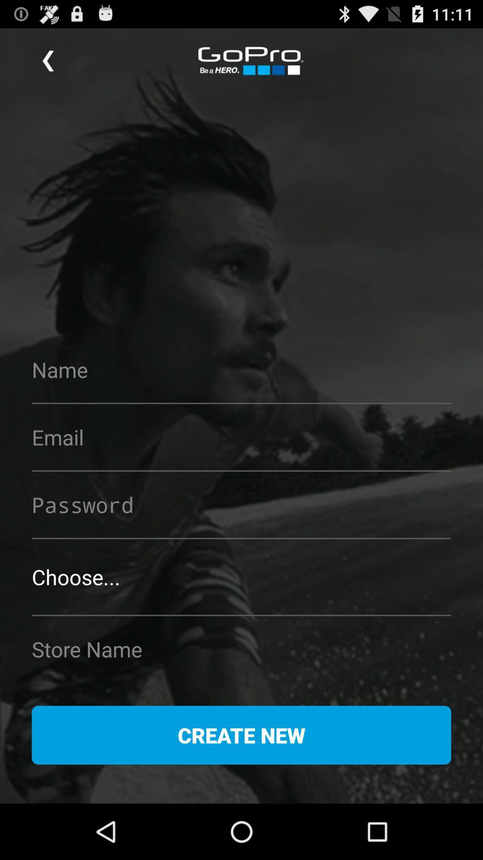  Describe the element at coordinates (48, 60) in the screenshot. I see `previous` at that location.